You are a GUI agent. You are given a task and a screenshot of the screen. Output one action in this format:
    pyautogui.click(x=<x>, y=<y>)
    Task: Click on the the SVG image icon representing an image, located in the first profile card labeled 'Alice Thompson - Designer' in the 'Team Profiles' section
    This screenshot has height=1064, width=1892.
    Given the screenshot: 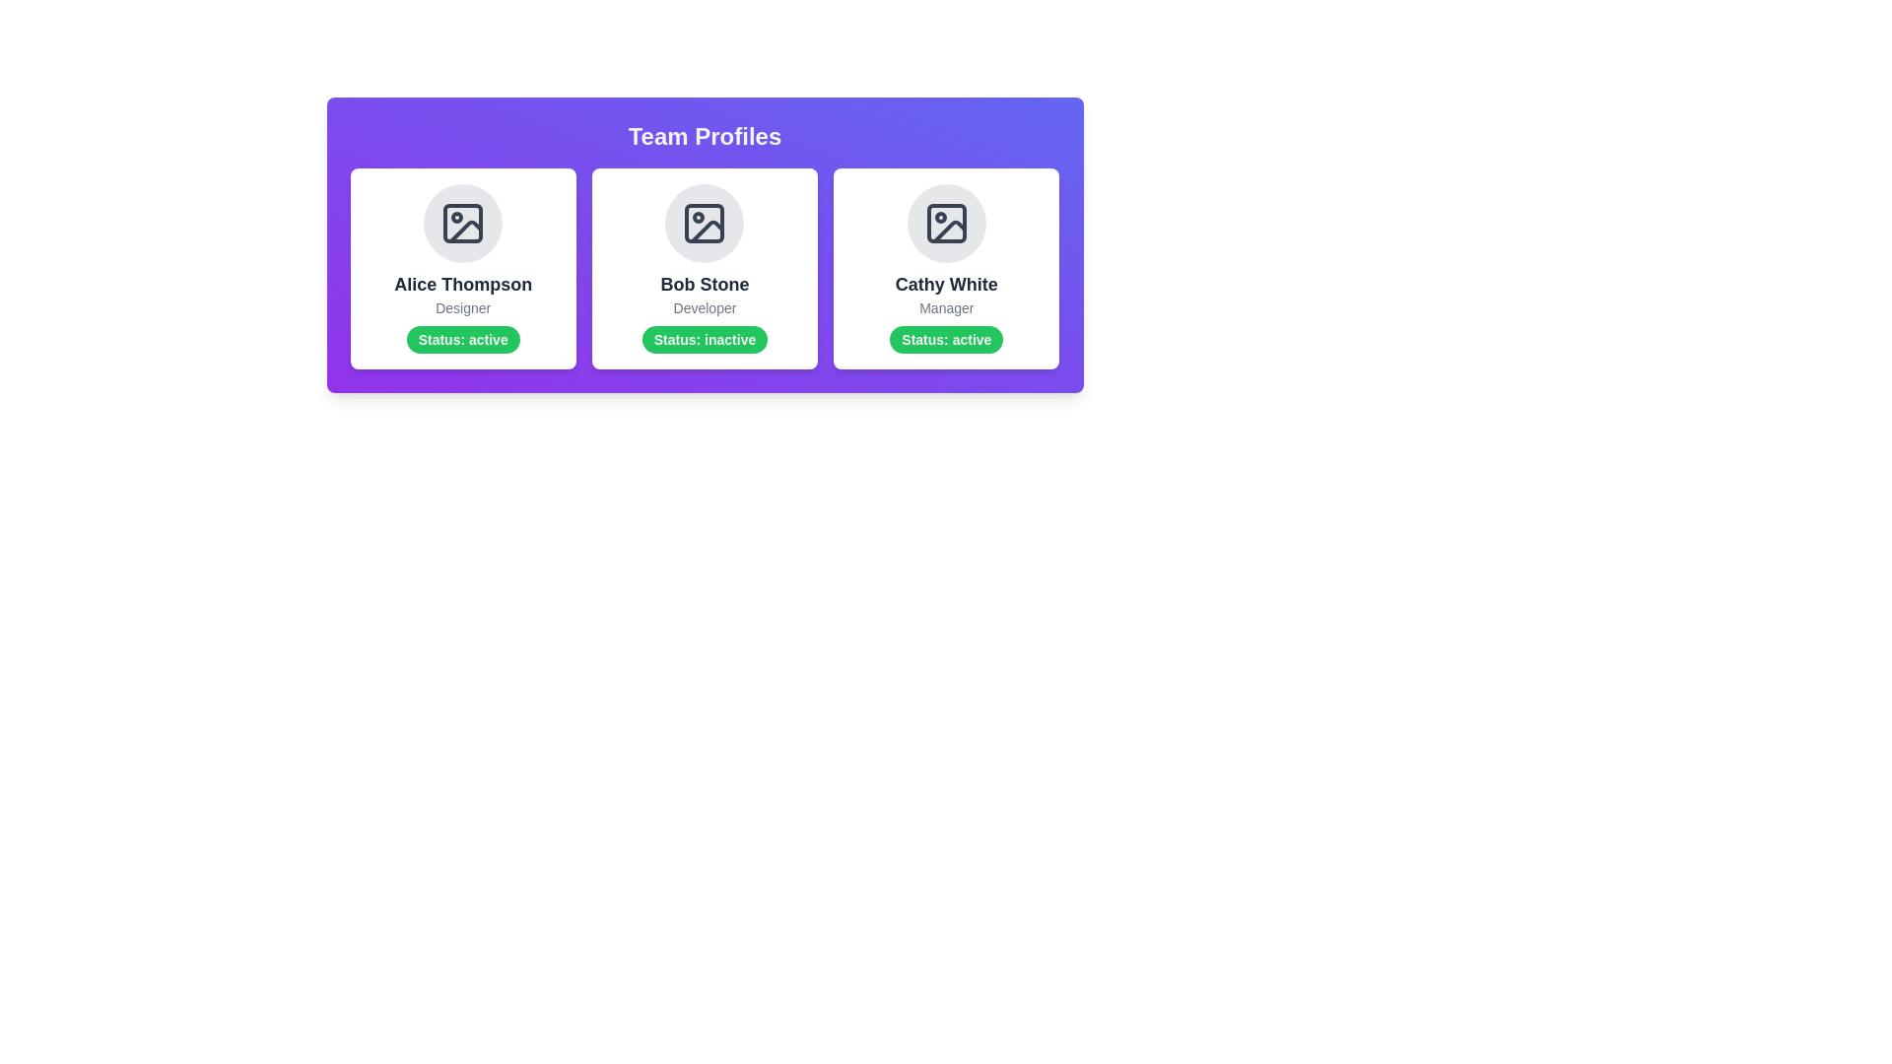 What is the action you would take?
    pyautogui.click(x=462, y=223)
    